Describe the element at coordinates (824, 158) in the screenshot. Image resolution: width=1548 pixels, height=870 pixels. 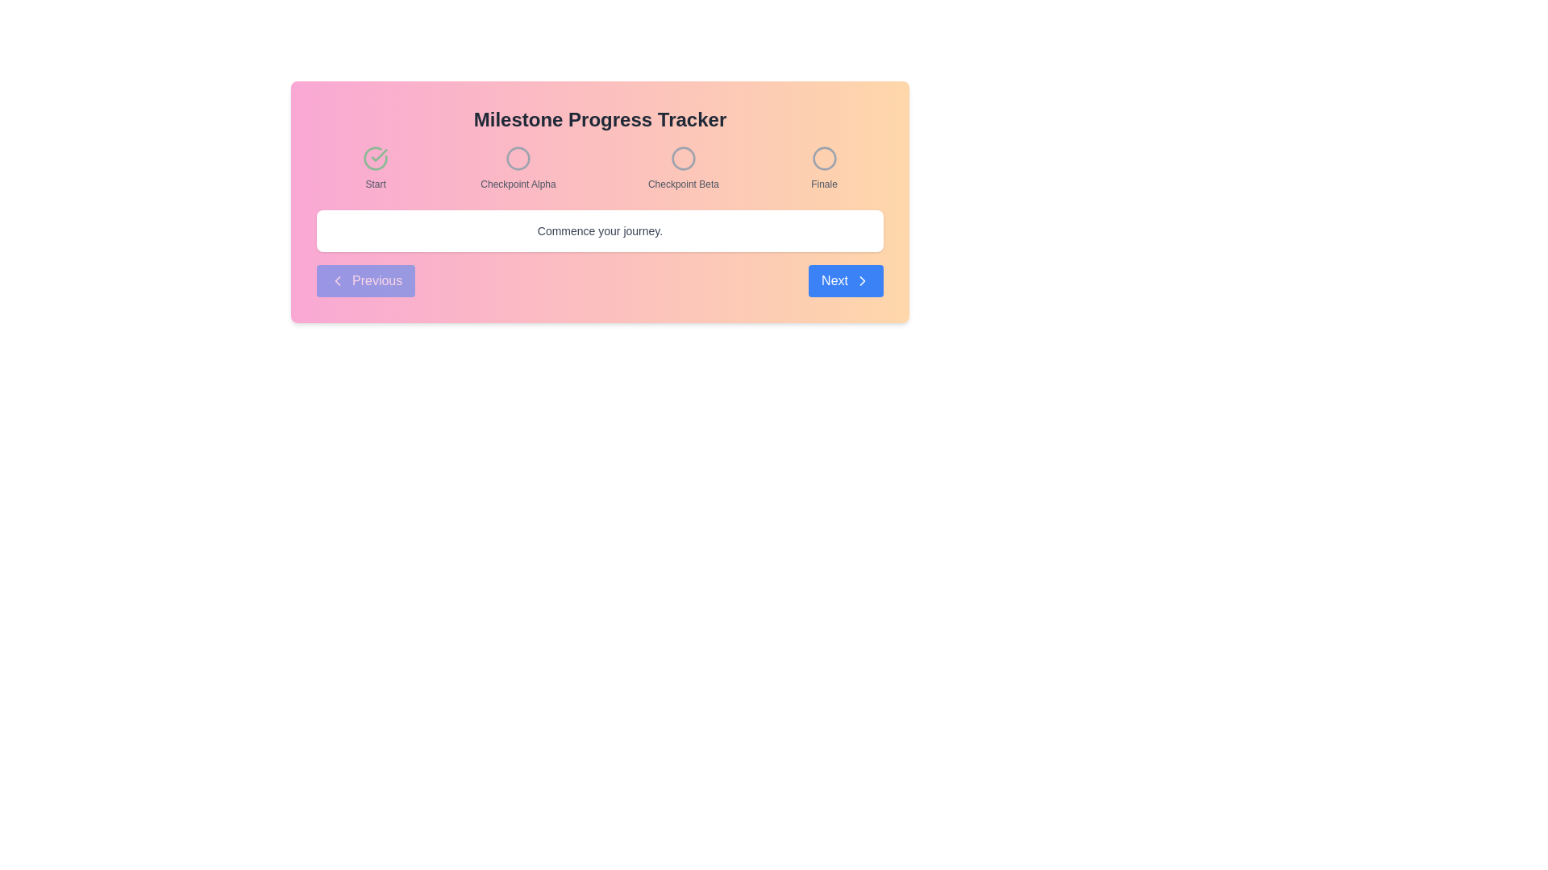
I see `the inactive milestone labeled 'Finale' in the progress tracker, which is the fourth milestone positioned towards the right edge of the interface` at that location.